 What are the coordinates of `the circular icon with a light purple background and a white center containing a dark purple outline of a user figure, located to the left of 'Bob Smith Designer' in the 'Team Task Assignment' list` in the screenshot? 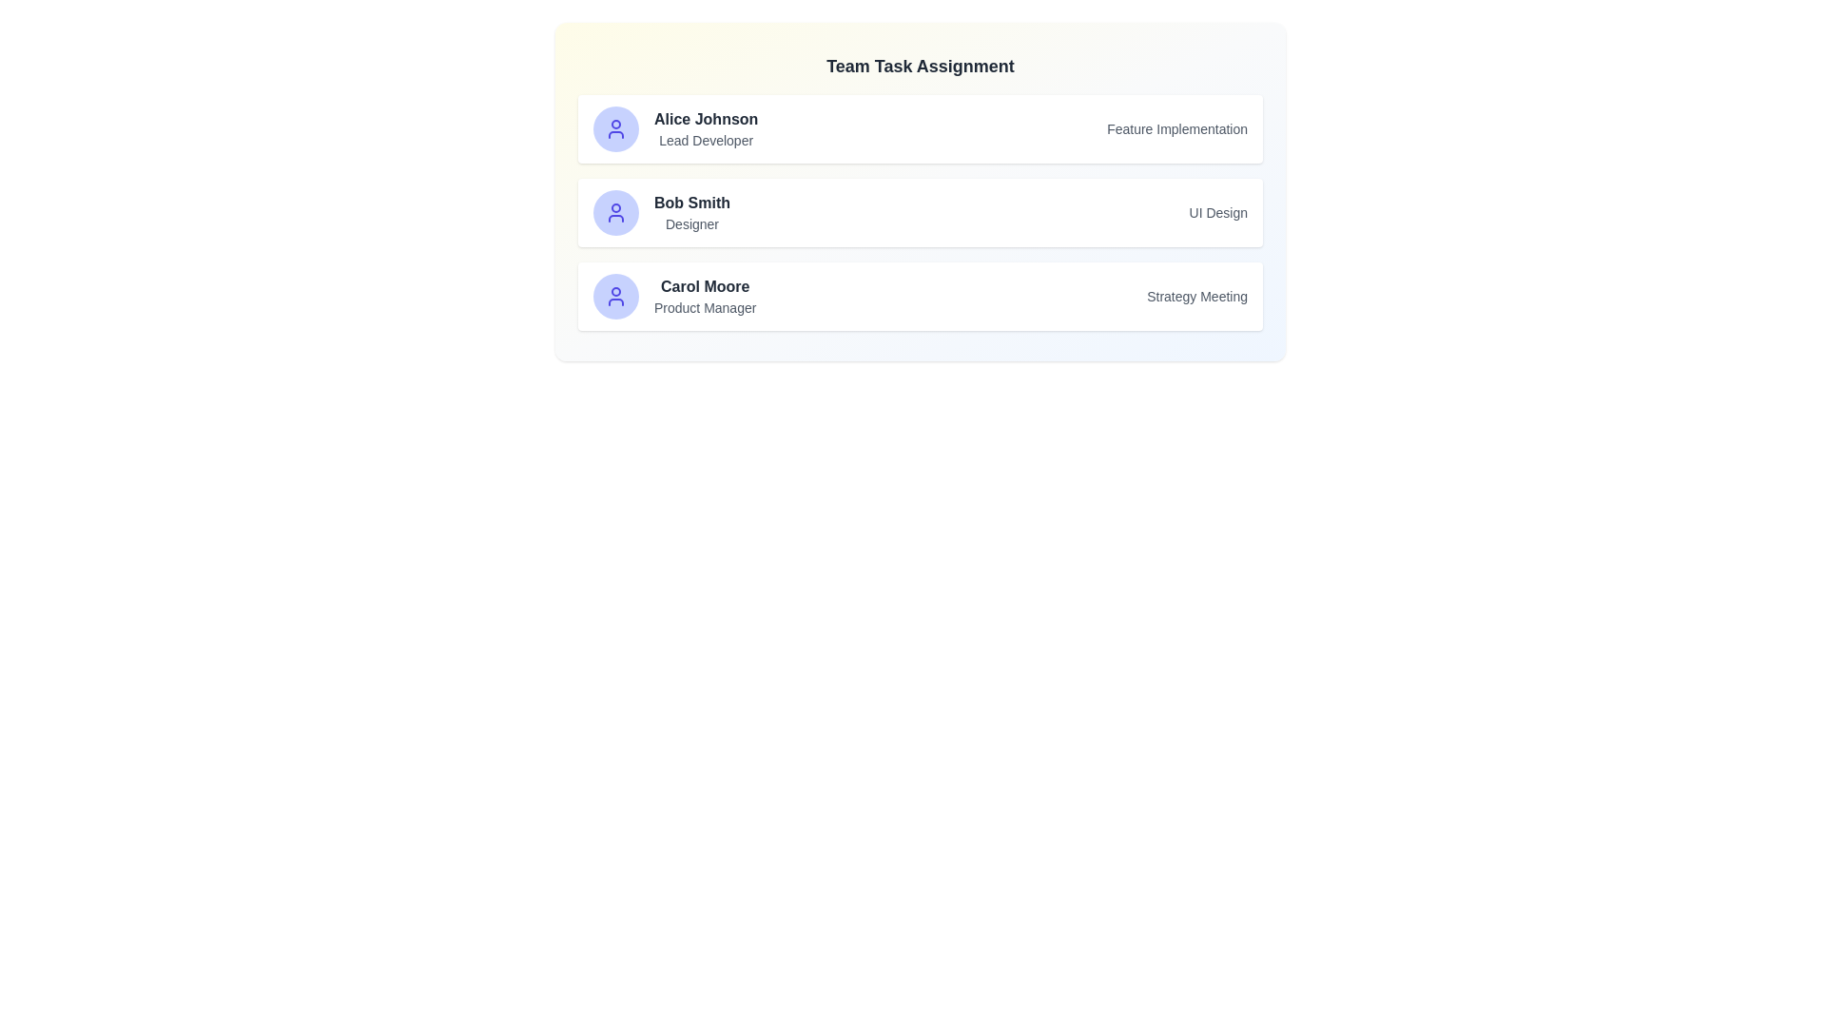 It's located at (616, 212).